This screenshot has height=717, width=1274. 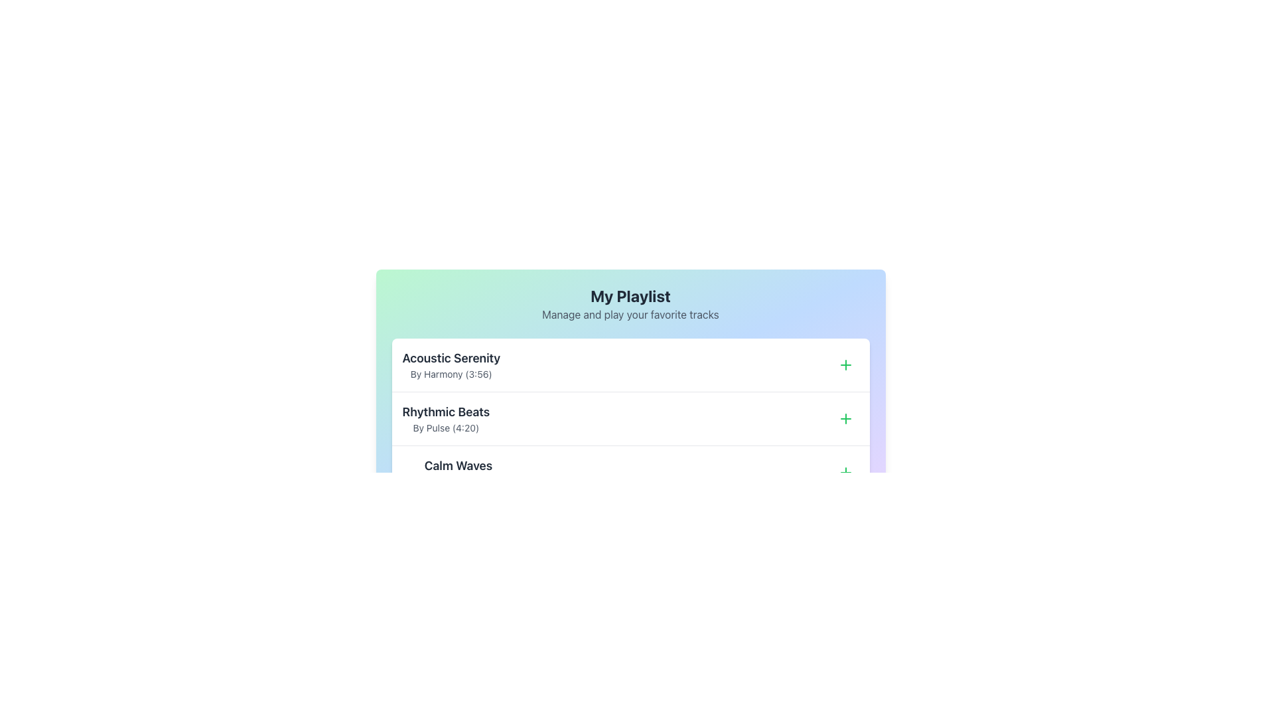 I want to click on the text label displaying 'Calm Waves', which is part of the bottommost item in a playlist interface, styled with a bold and larger font, and located above the subtitle 'By Relaxing Sounds (5:10)', so click(x=459, y=472).